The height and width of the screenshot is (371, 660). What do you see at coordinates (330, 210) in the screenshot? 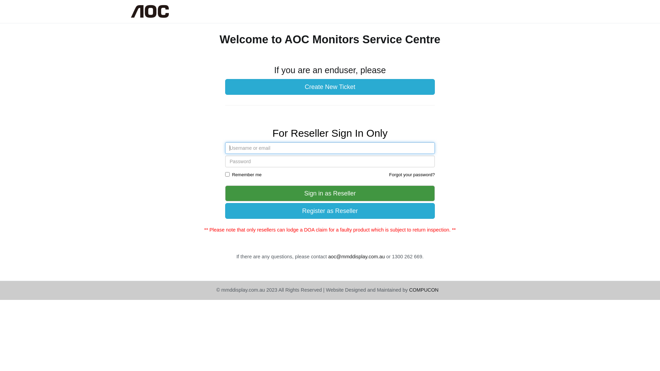
I see `'Register as Reseller'` at bounding box center [330, 210].